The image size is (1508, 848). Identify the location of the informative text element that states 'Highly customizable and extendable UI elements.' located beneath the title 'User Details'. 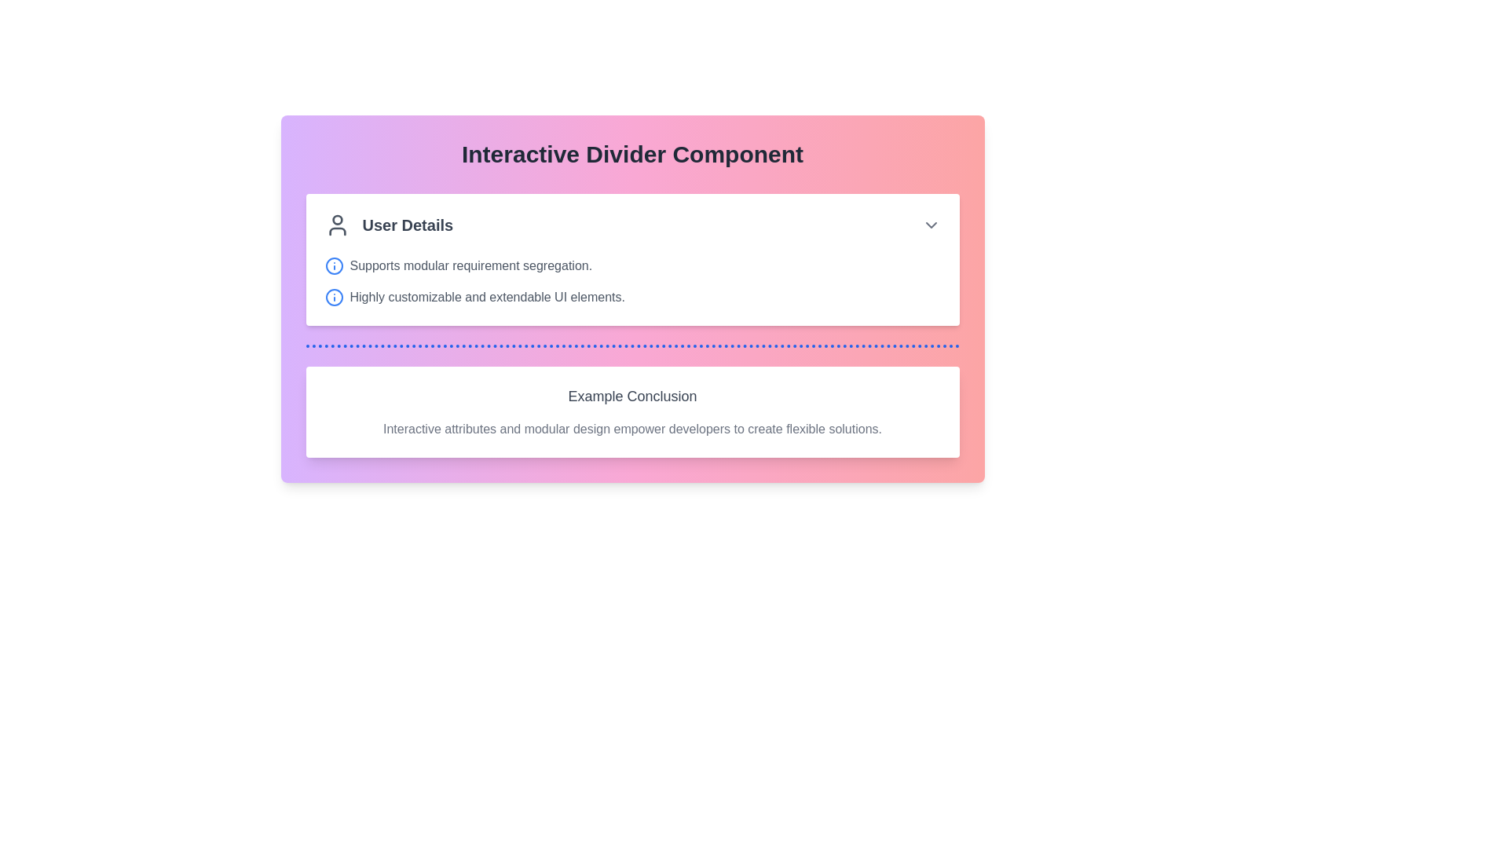
(632, 280).